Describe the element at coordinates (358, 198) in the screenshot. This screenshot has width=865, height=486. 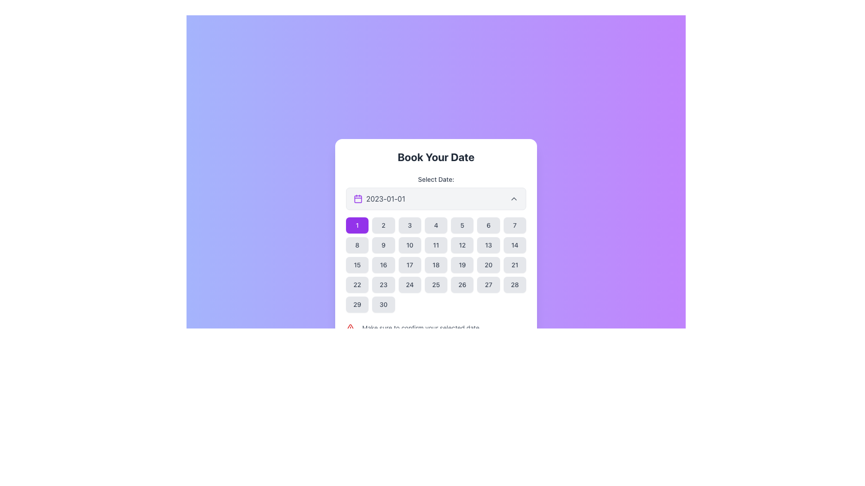
I see `the calendar icon located to the far left of the date text '2023-01-01'` at that location.